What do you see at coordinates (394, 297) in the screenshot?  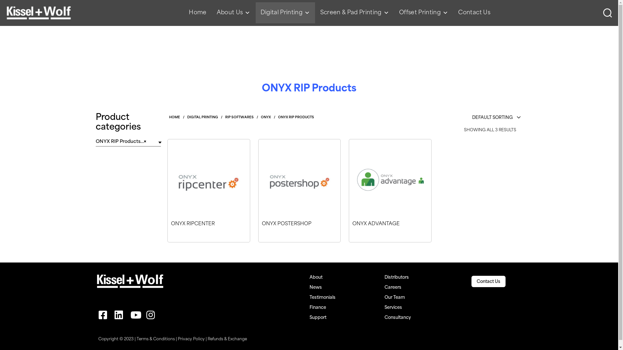 I see `'Our Team'` at bounding box center [394, 297].